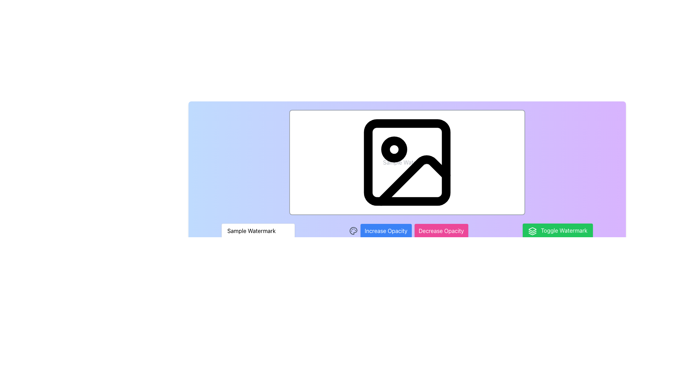  What do you see at coordinates (394, 149) in the screenshot?
I see `the Decorative Dot, a small black circular icon with a white inner circle, located near the top-left corner of an image placeholder frame` at bounding box center [394, 149].